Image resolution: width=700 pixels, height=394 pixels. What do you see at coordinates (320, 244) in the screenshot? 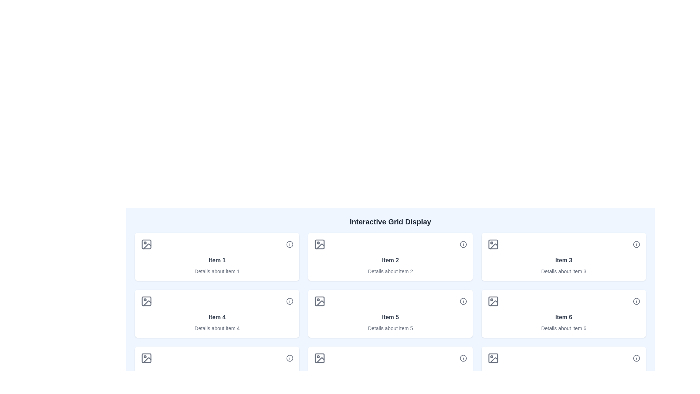
I see `the encompassing icon element, which is part of a composite symbol located within the second card of the top row in a grid layout` at bounding box center [320, 244].